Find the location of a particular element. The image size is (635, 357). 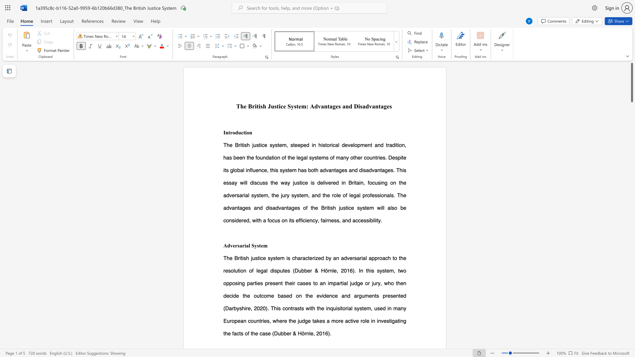

the right-hand scrollbar to descend the page is located at coordinates (631, 221).